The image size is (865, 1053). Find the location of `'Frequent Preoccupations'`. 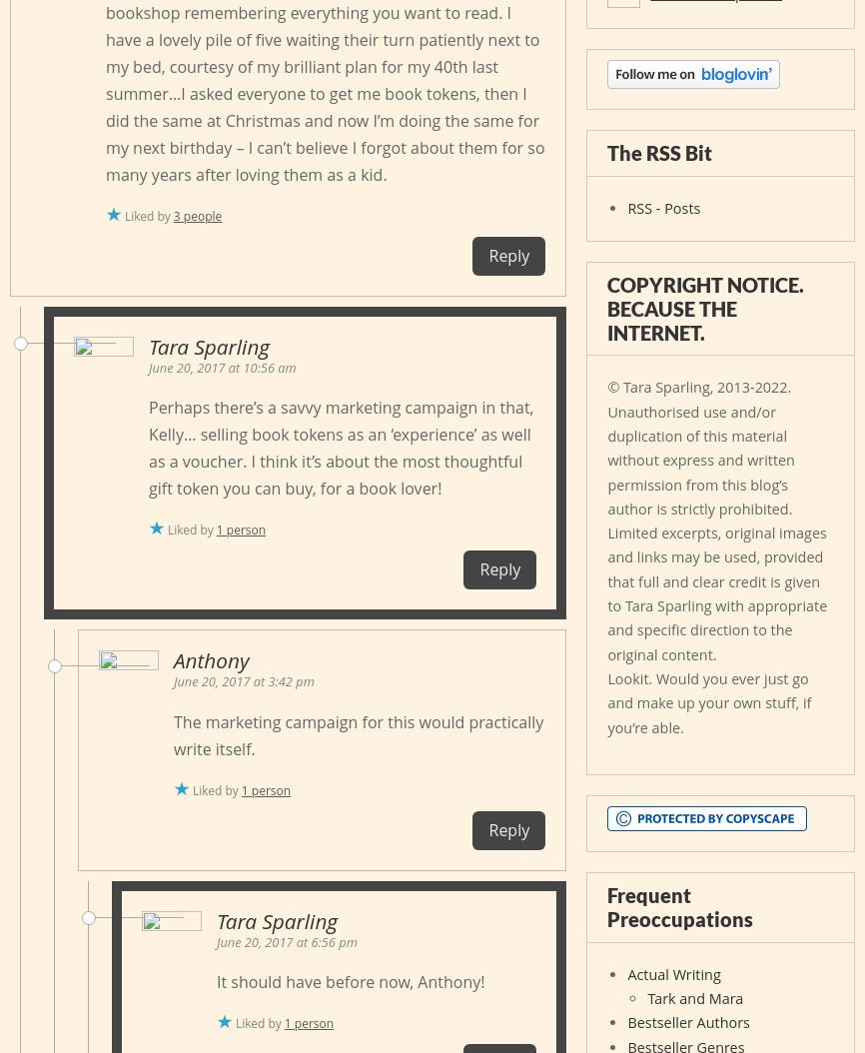

'Frequent Preoccupations' is located at coordinates (679, 906).